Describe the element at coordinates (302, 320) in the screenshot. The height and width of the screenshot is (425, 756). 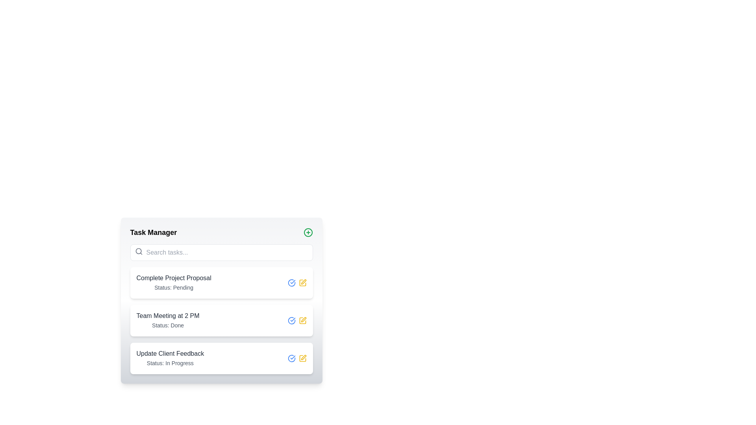
I see `the edit button located at the end of the third row in the task list` at that location.